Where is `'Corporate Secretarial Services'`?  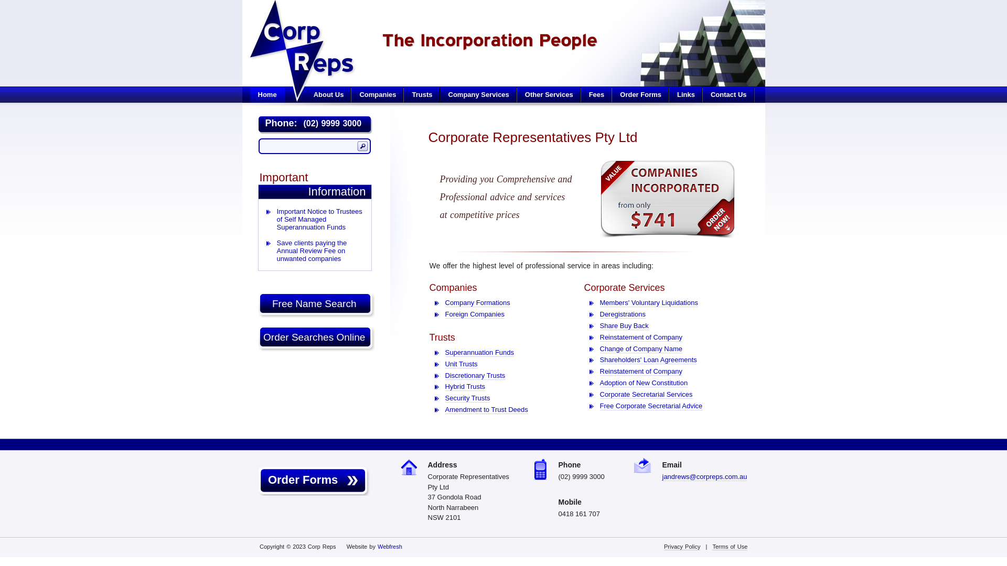
'Corporate Secretarial Services' is located at coordinates (646, 394).